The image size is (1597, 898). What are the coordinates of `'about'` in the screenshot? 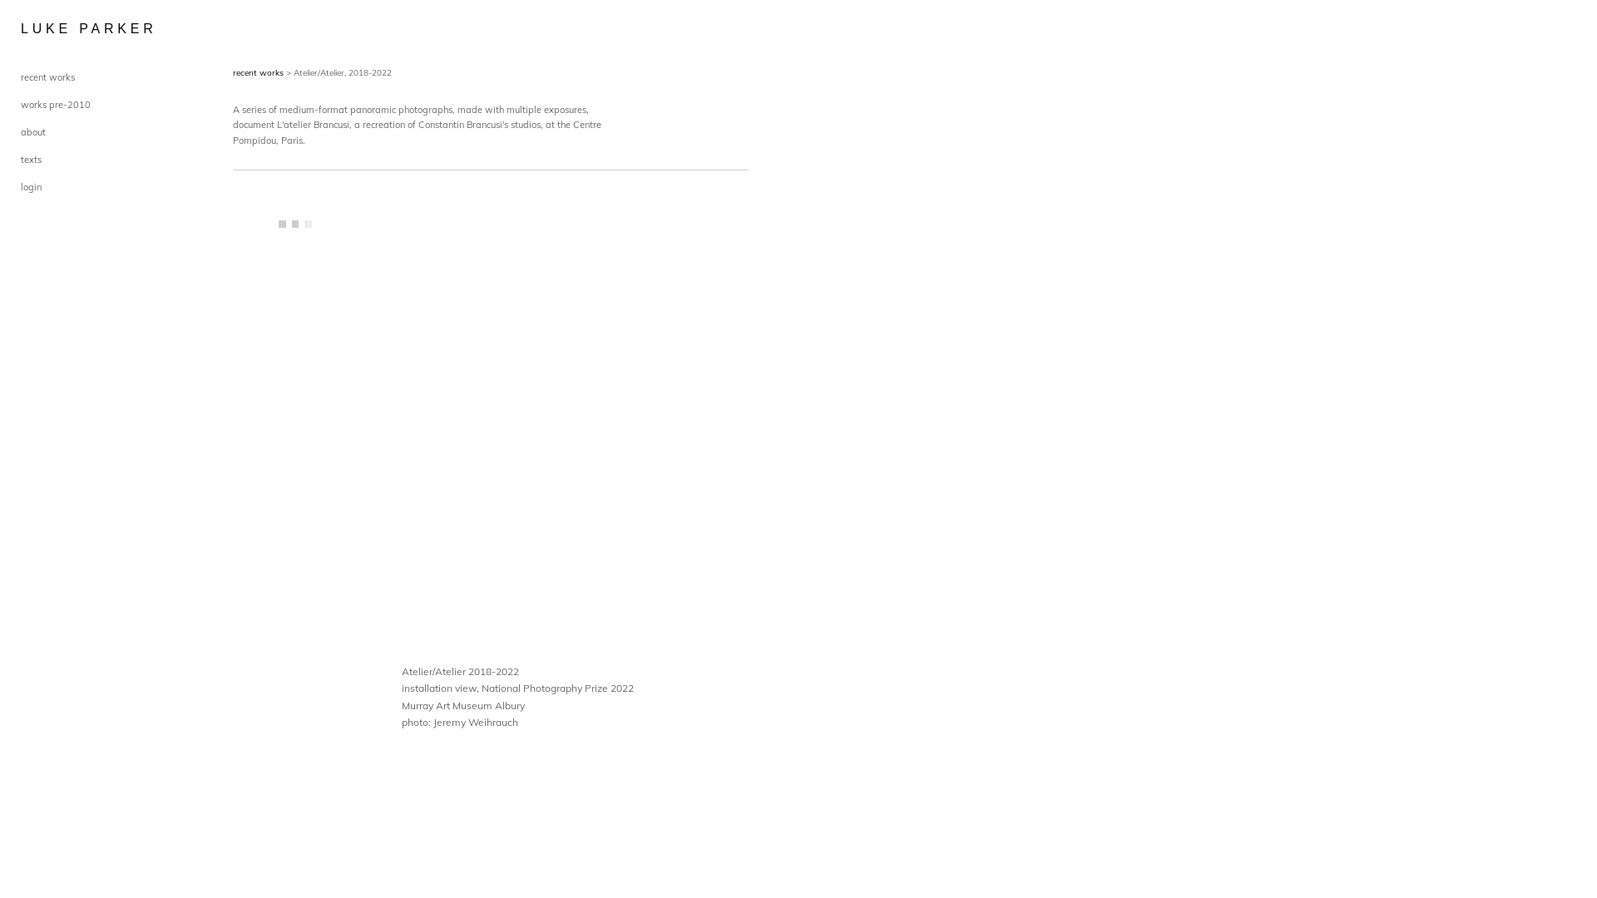 It's located at (32, 131).